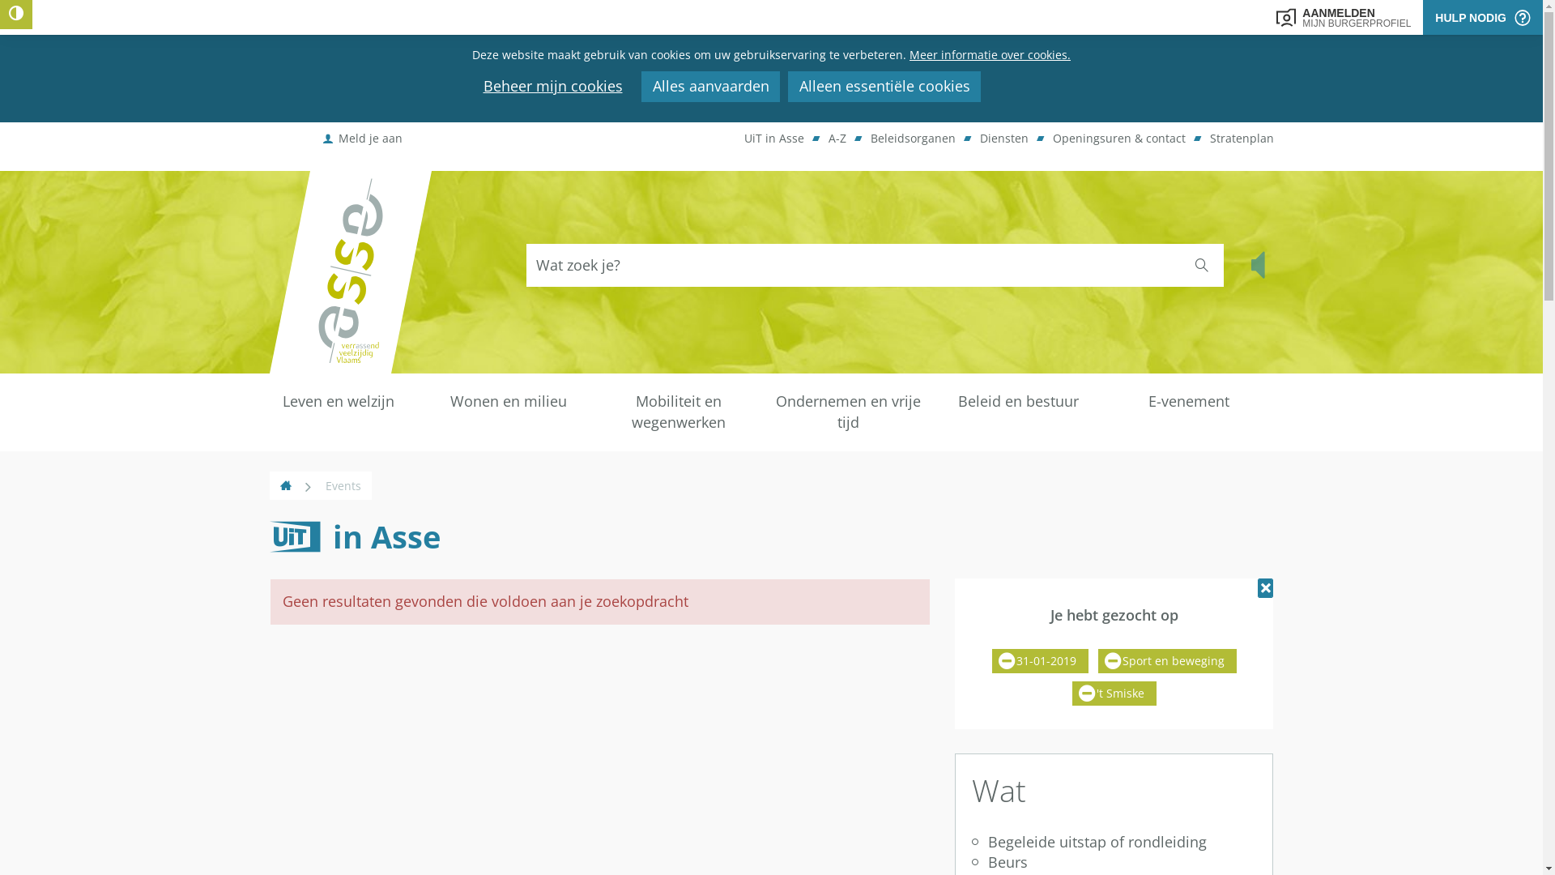 The height and width of the screenshot is (875, 1555). Describe the element at coordinates (1113, 842) in the screenshot. I see `'Begeleide uitstap of rondleiding'` at that location.